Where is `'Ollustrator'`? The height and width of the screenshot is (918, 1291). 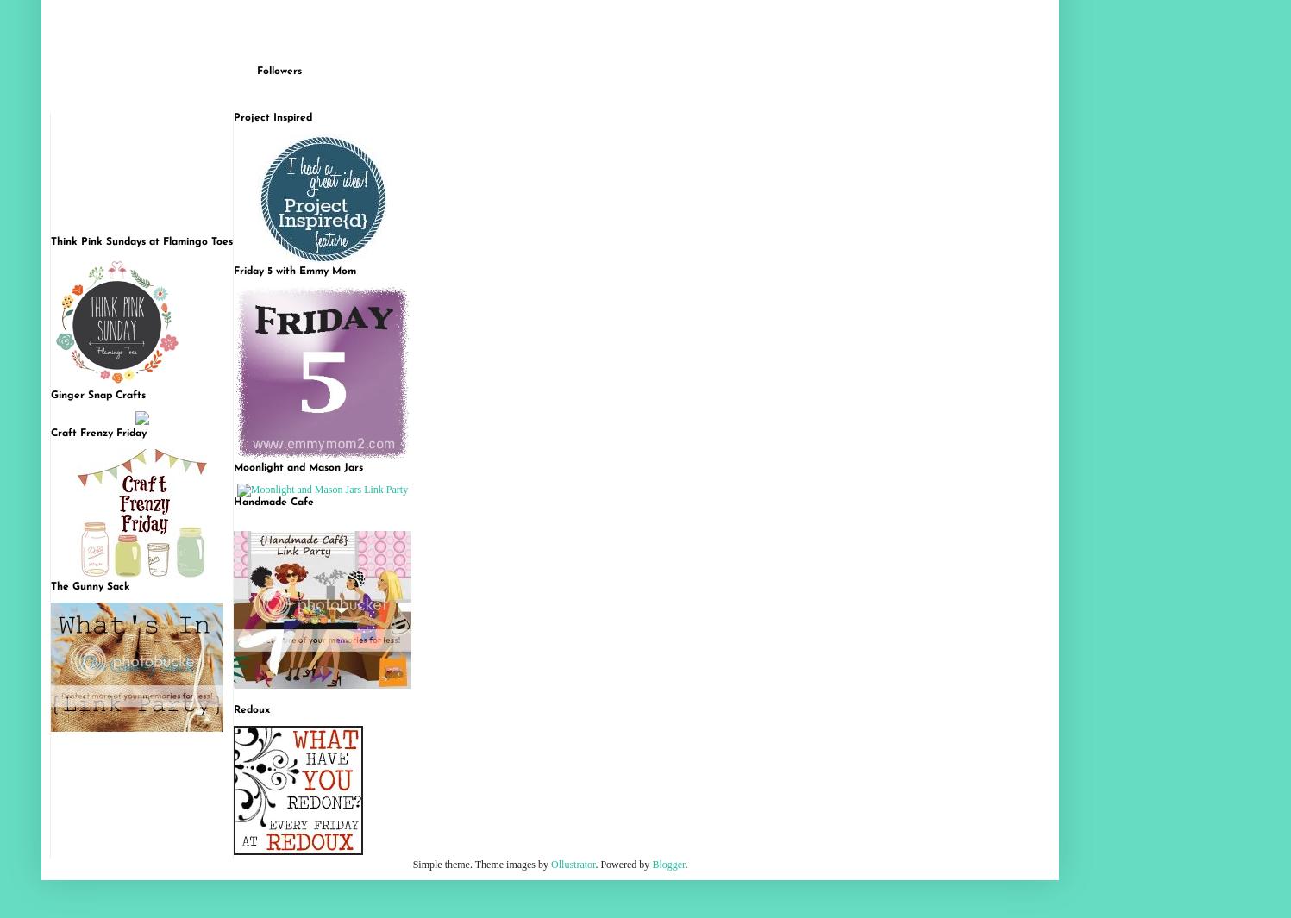 'Ollustrator' is located at coordinates (573, 865).